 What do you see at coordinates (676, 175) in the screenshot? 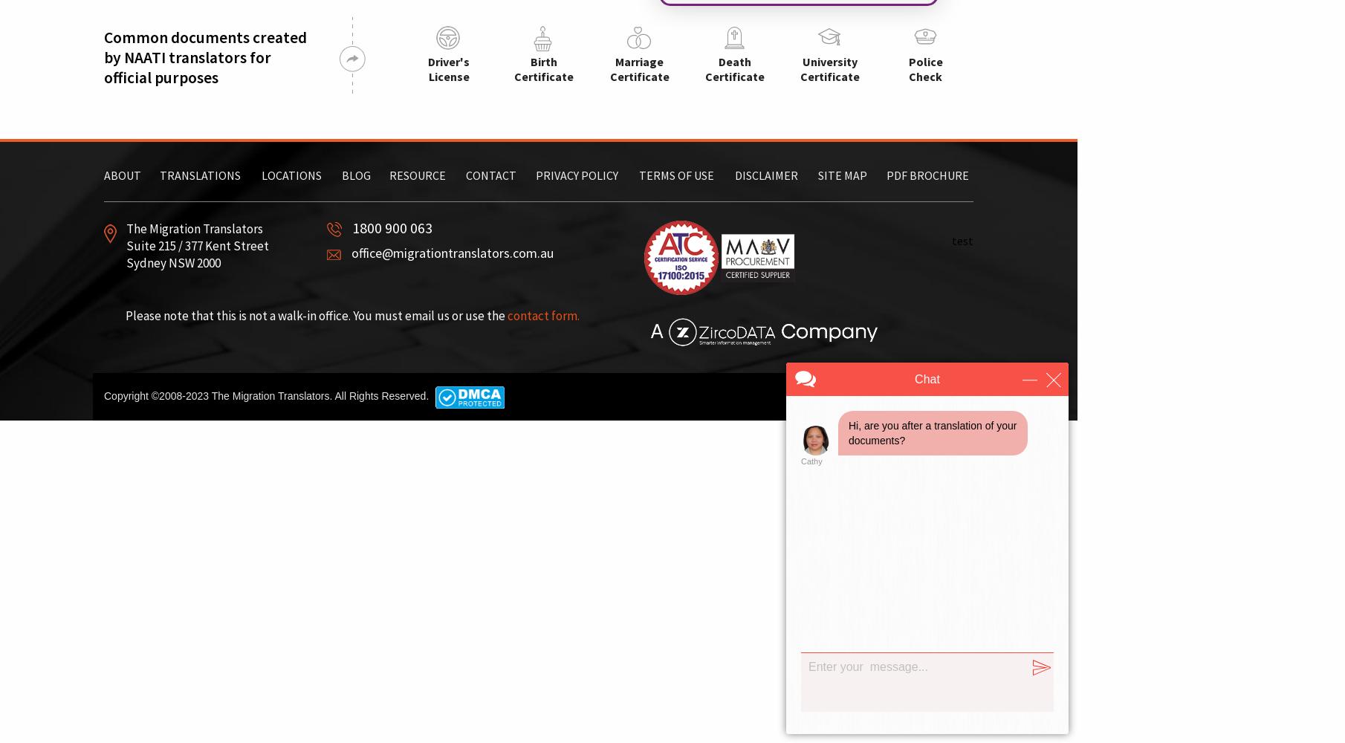
I see `'Terms of Use'` at bounding box center [676, 175].